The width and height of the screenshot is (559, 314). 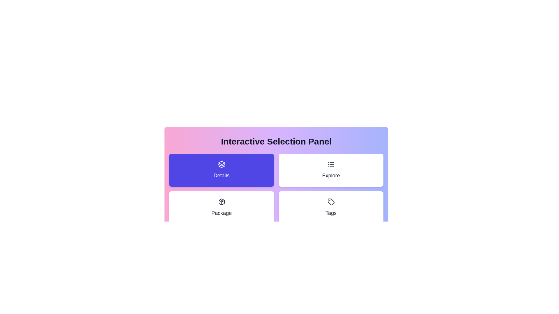 I want to click on the interactive button labeled 'Package' located in the bottom-left part of the grid layout, specifically the third card below the 'Details' card and to the left of the 'Tags' card, so click(x=221, y=207).